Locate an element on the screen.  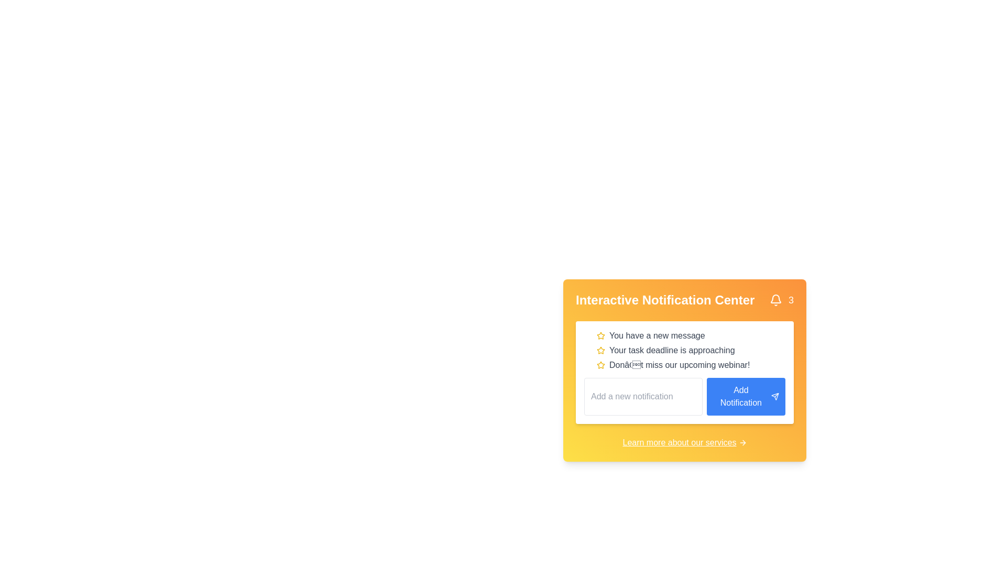
the paper plane icon with a blue background located at the top-right corner of the 'Add Notification' button is located at coordinates (775, 396).